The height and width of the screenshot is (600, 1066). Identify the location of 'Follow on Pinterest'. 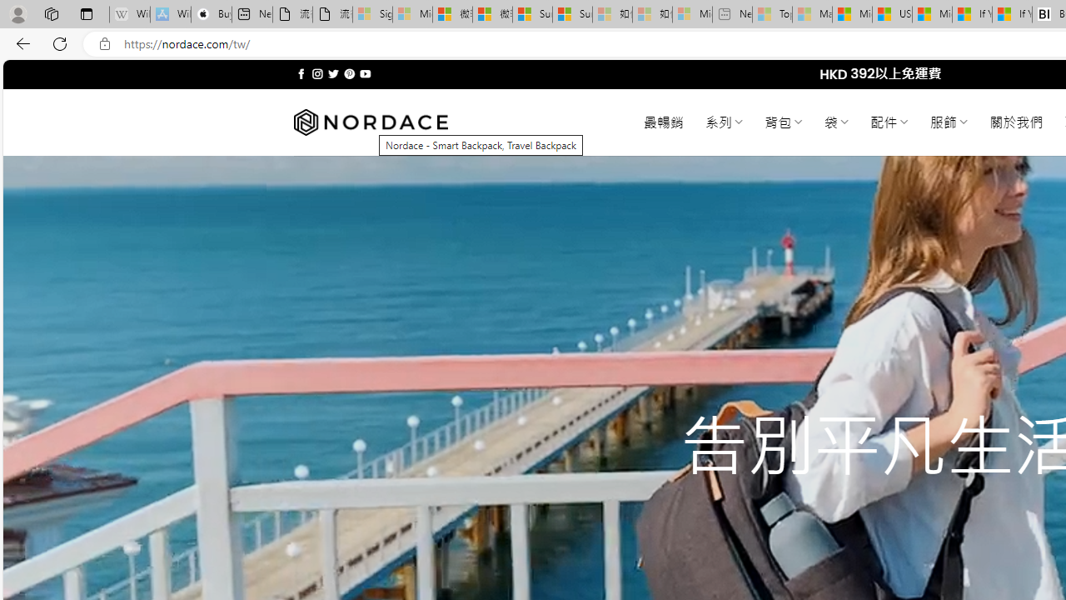
(348, 73).